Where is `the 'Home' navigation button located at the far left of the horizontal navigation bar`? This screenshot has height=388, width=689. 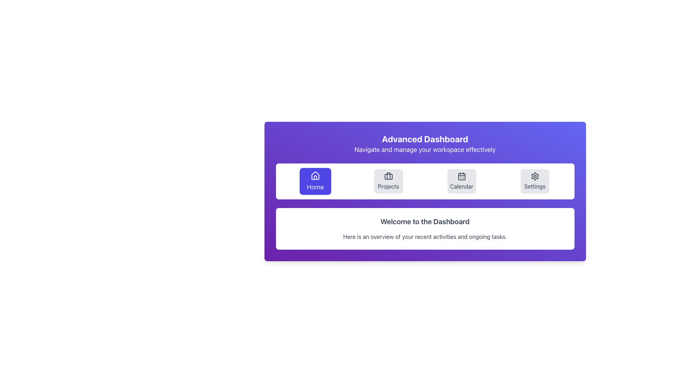
the 'Home' navigation button located at the far left of the horizontal navigation bar is located at coordinates (315, 181).